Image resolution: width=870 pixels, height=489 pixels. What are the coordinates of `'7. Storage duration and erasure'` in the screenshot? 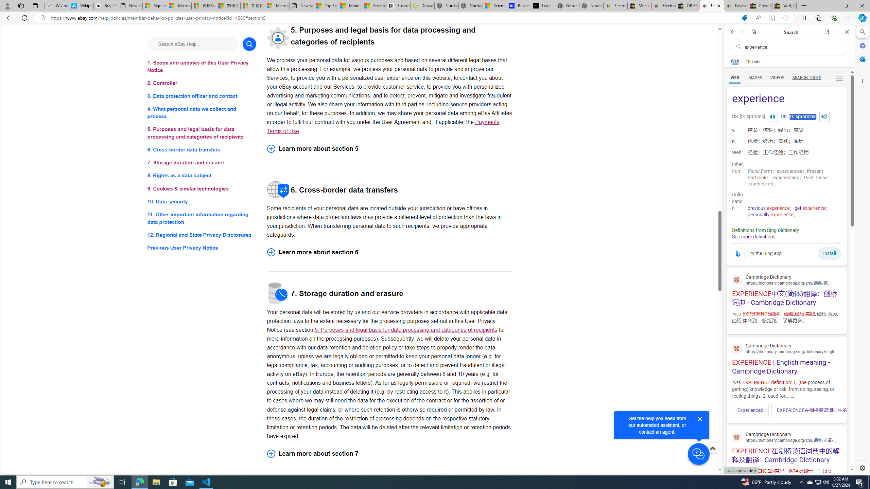 It's located at (201, 162).